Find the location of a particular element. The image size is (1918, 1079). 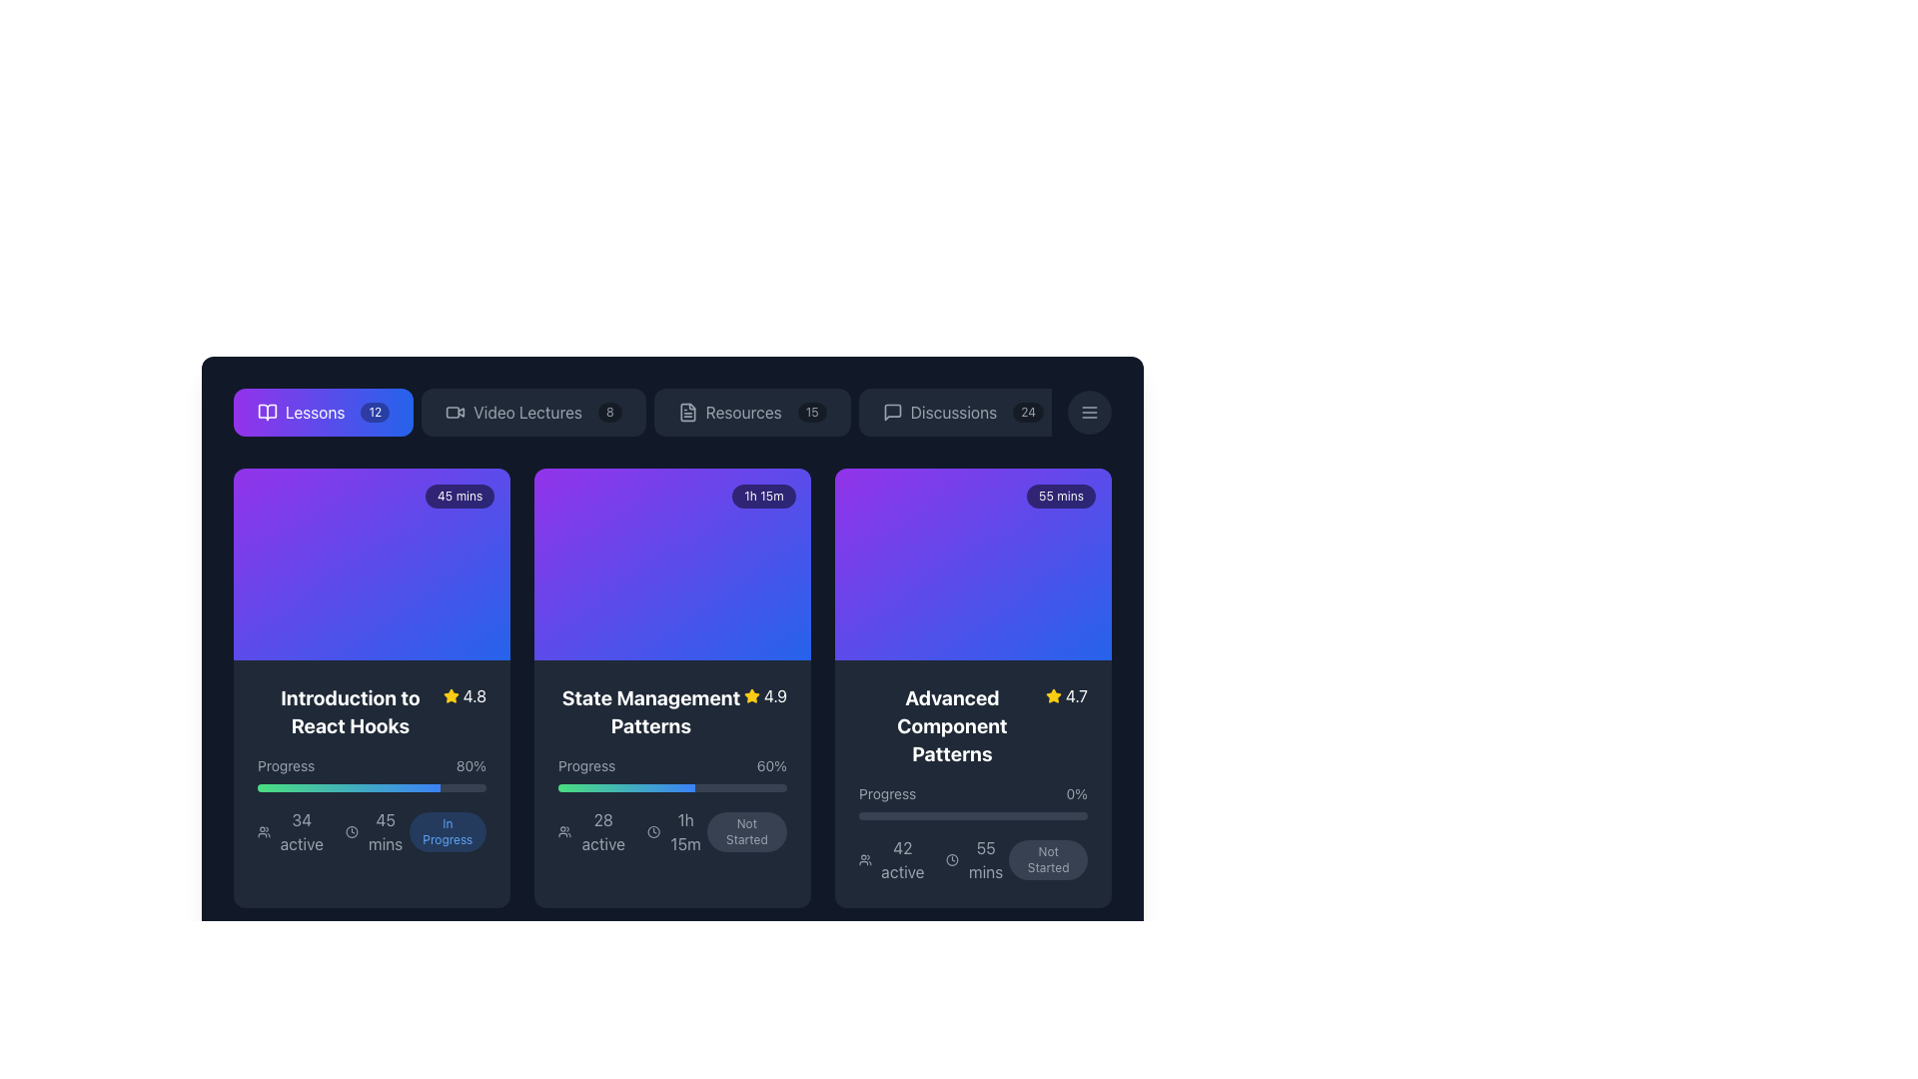

displayed information of the text-based UI component showing '45 mins' with a clock icon, located in the leftmost card under the 'Introduction to React Hooks' header is located at coordinates (377, 832).